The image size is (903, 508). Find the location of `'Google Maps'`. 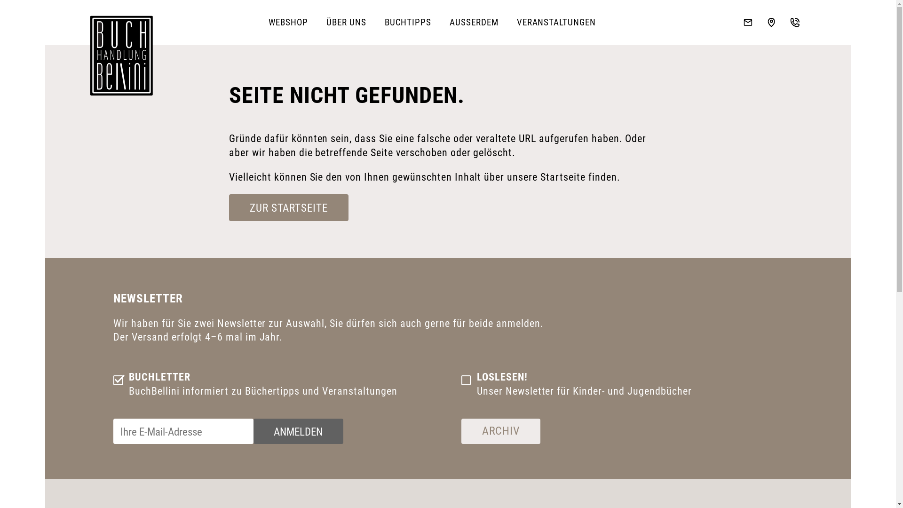

'Google Maps' is located at coordinates (771, 22).